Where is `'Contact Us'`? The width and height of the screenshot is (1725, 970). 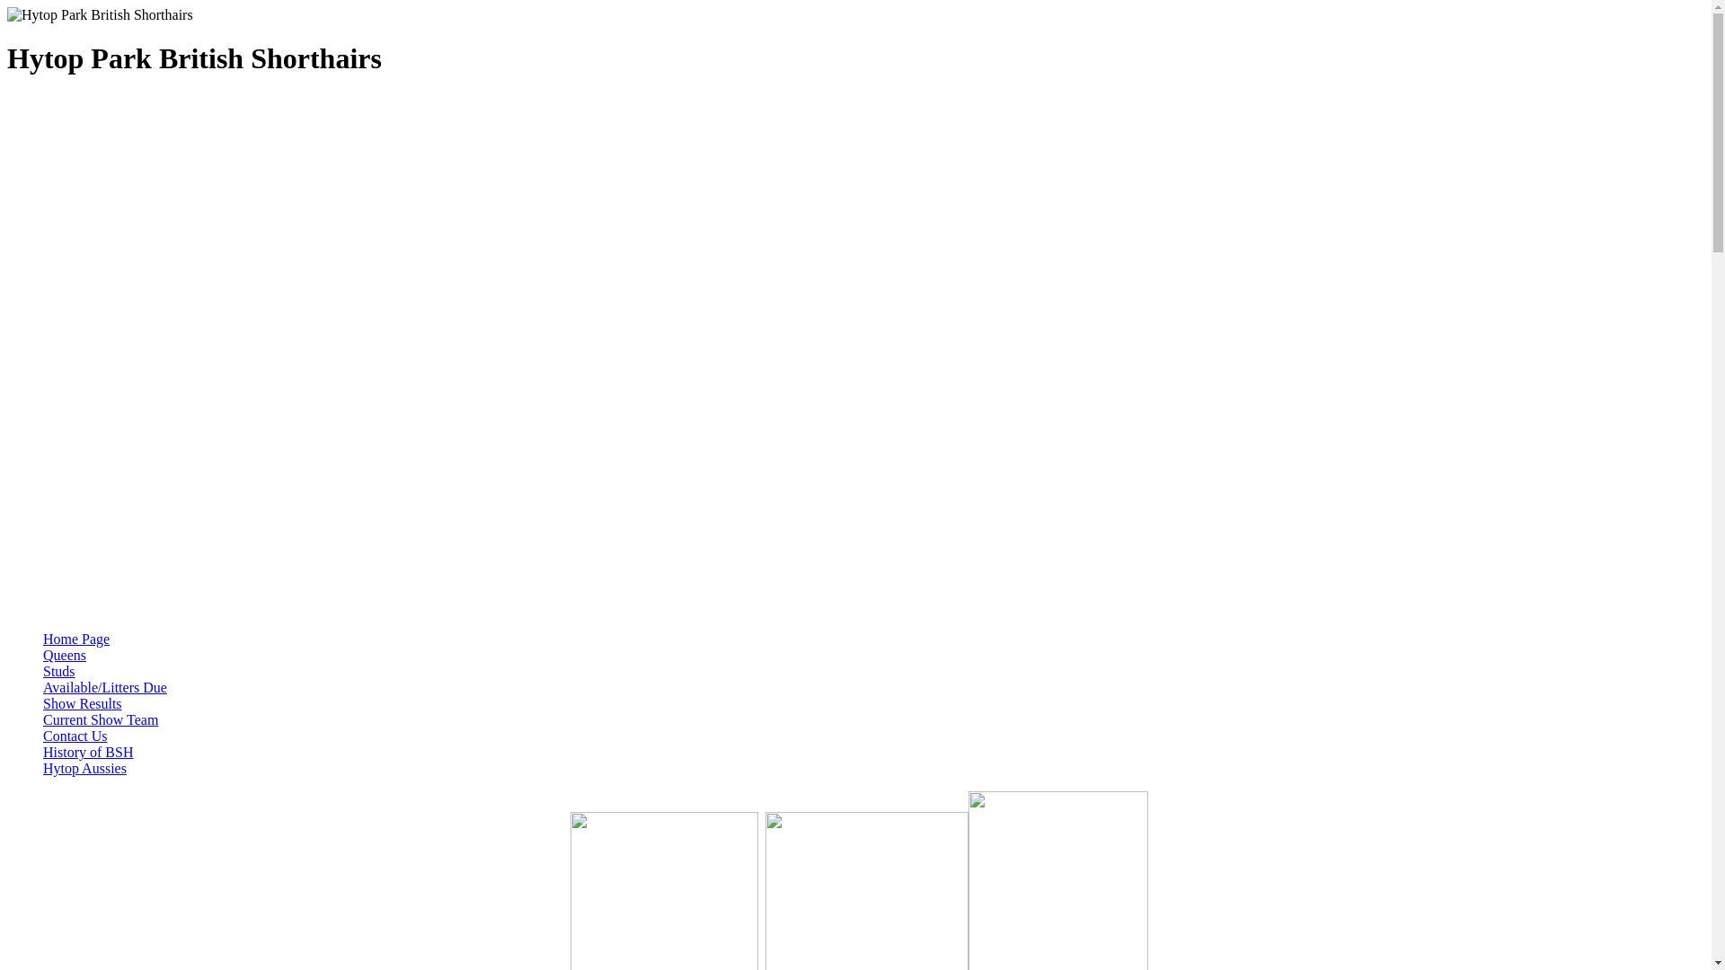 'Contact Us' is located at coordinates (74, 736).